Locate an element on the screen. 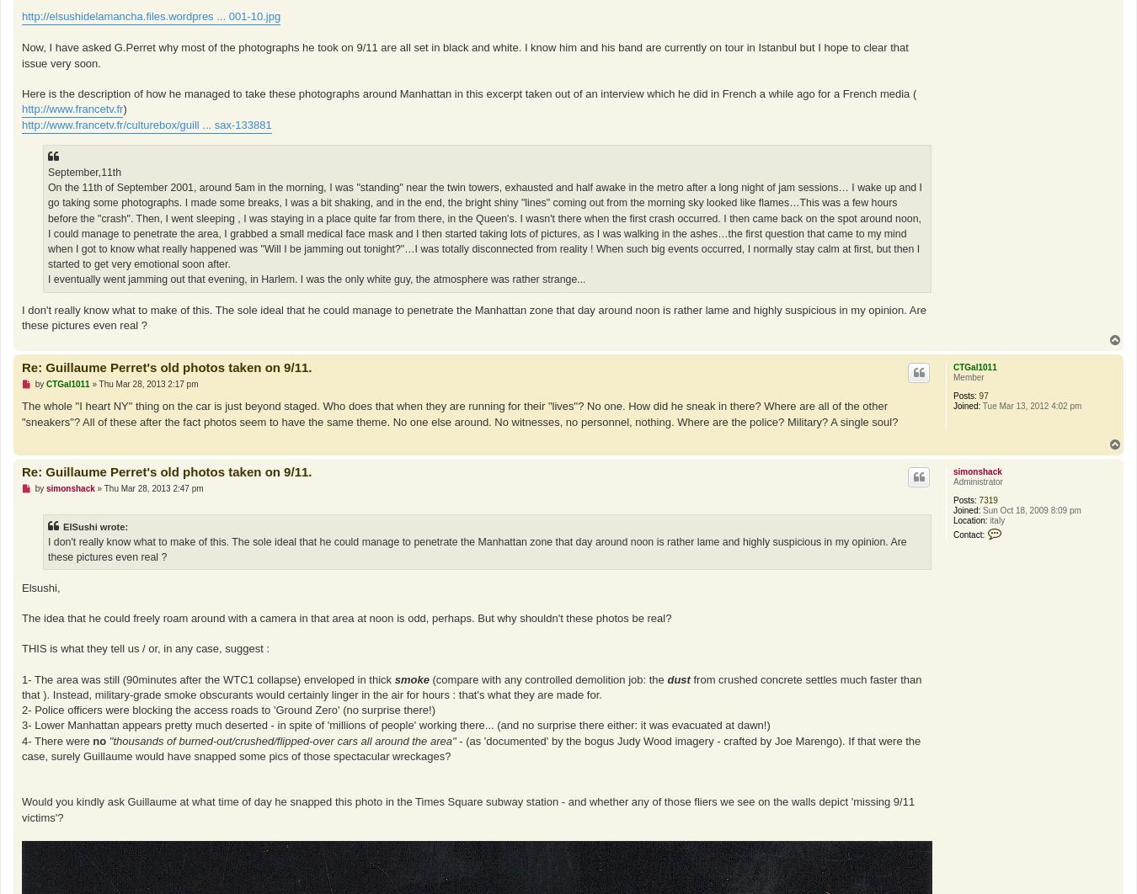 The image size is (1137, 894). 'http://www.francetv.fr/culturebox/guill ... sax-133881' is located at coordinates (147, 125).